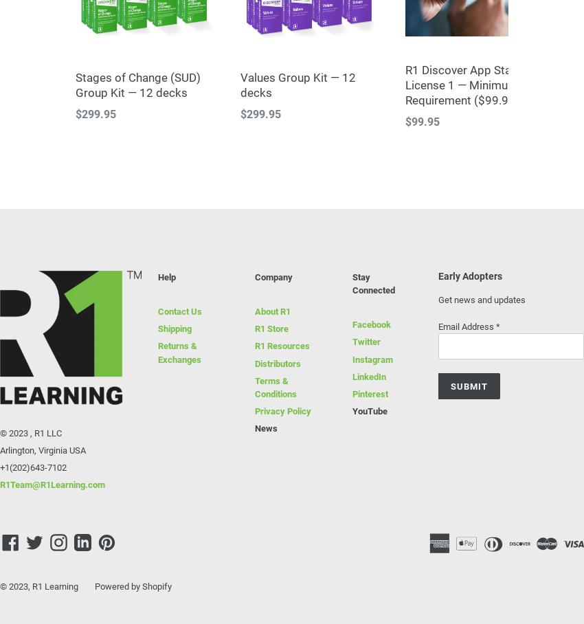 This screenshot has width=584, height=624. What do you see at coordinates (273, 311) in the screenshot?
I see `'About R1'` at bounding box center [273, 311].